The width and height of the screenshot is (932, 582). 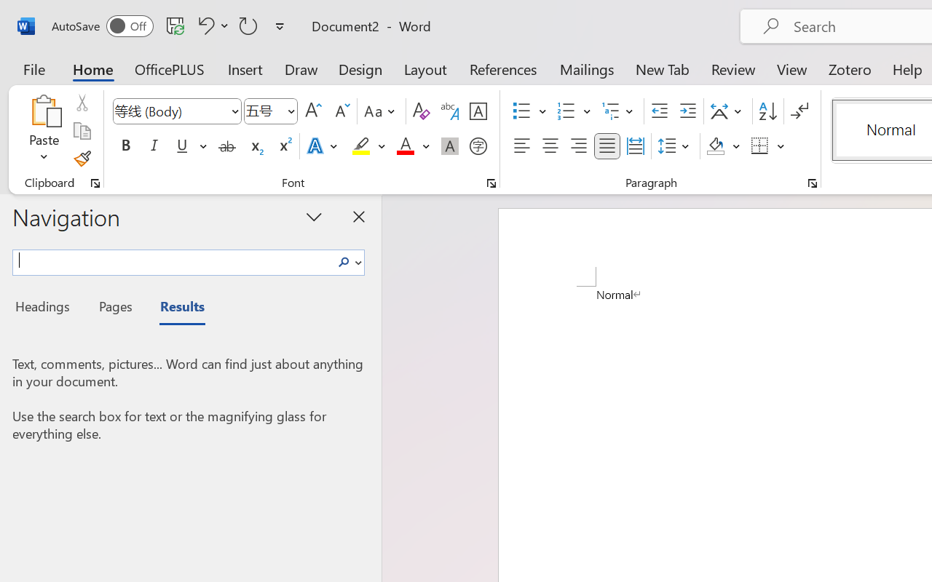 I want to click on 'Character Border', so click(x=478, y=111).